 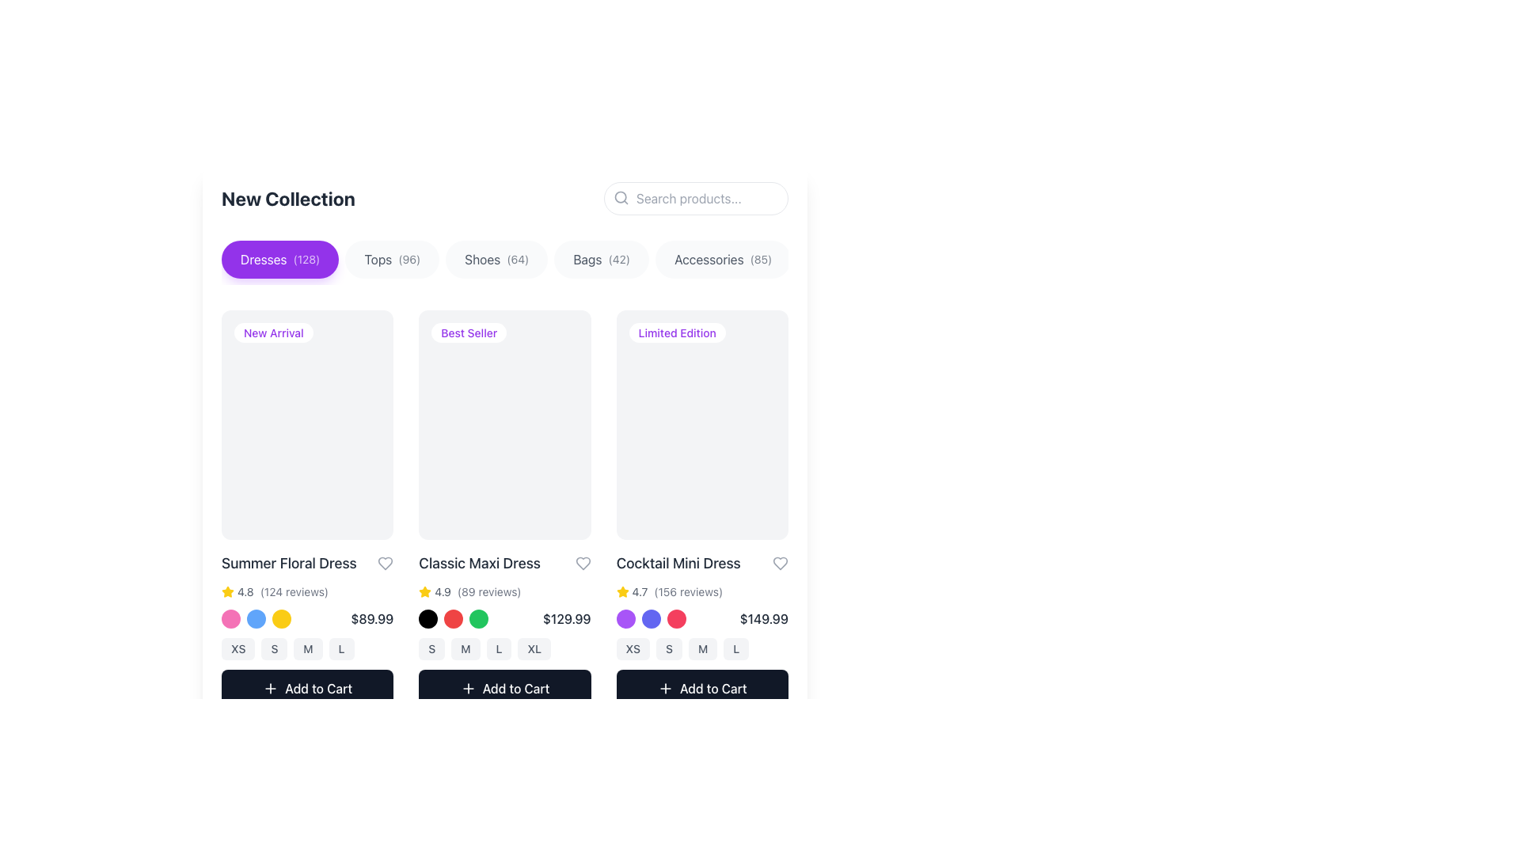 I want to click on the gray rectangular button labeled 'M' with a slightly rounded border, so click(x=465, y=648).